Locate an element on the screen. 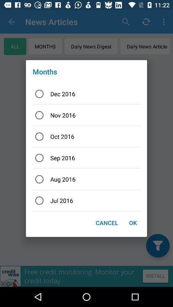  the icon above cancel icon is located at coordinates (86, 200).